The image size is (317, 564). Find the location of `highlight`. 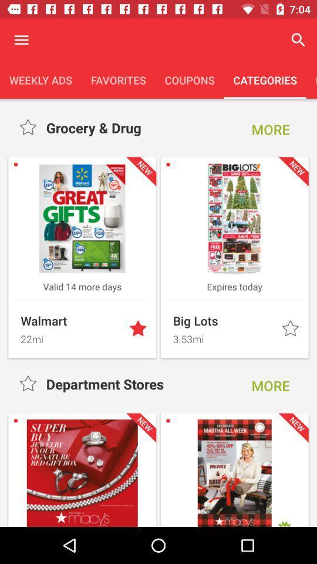

highlight is located at coordinates (139, 329).